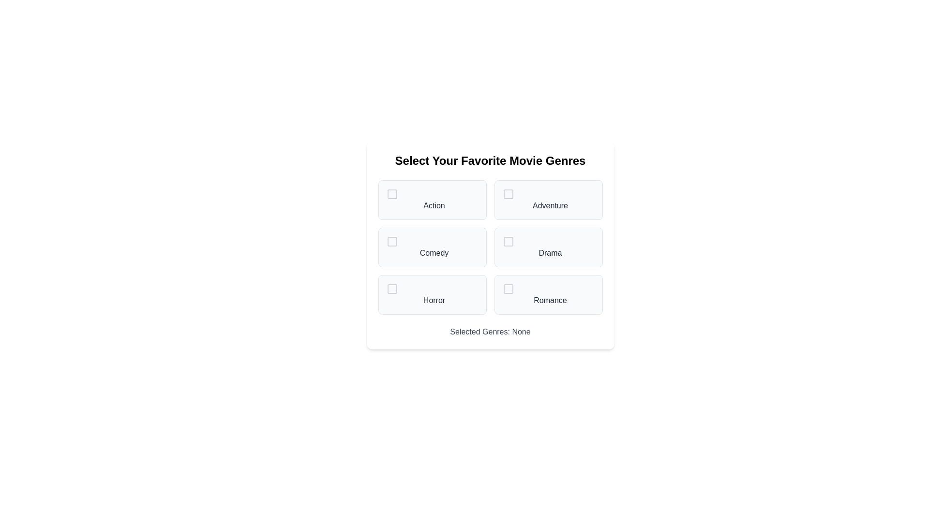 This screenshot has height=522, width=929. What do you see at coordinates (432, 199) in the screenshot?
I see `the genre Action to select or deselect it` at bounding box center [432, 199].